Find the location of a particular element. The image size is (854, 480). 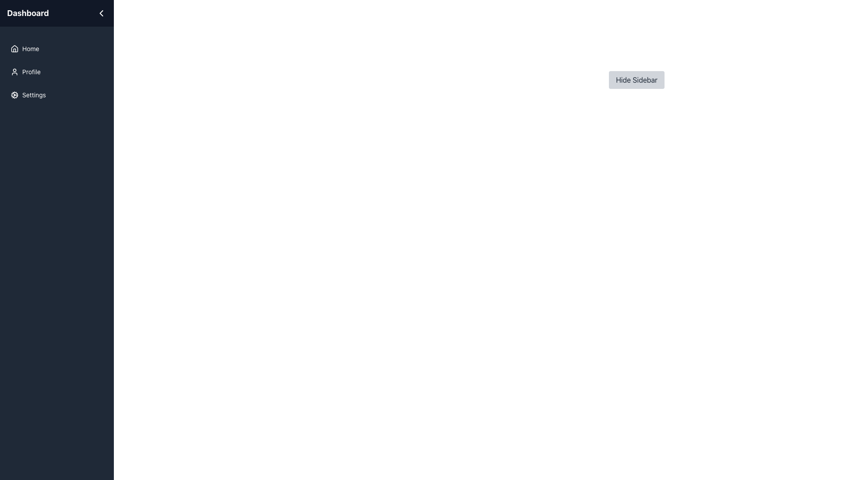

the chevron-shaped left-facing arrow icon located is located at coordinates (101, 13).